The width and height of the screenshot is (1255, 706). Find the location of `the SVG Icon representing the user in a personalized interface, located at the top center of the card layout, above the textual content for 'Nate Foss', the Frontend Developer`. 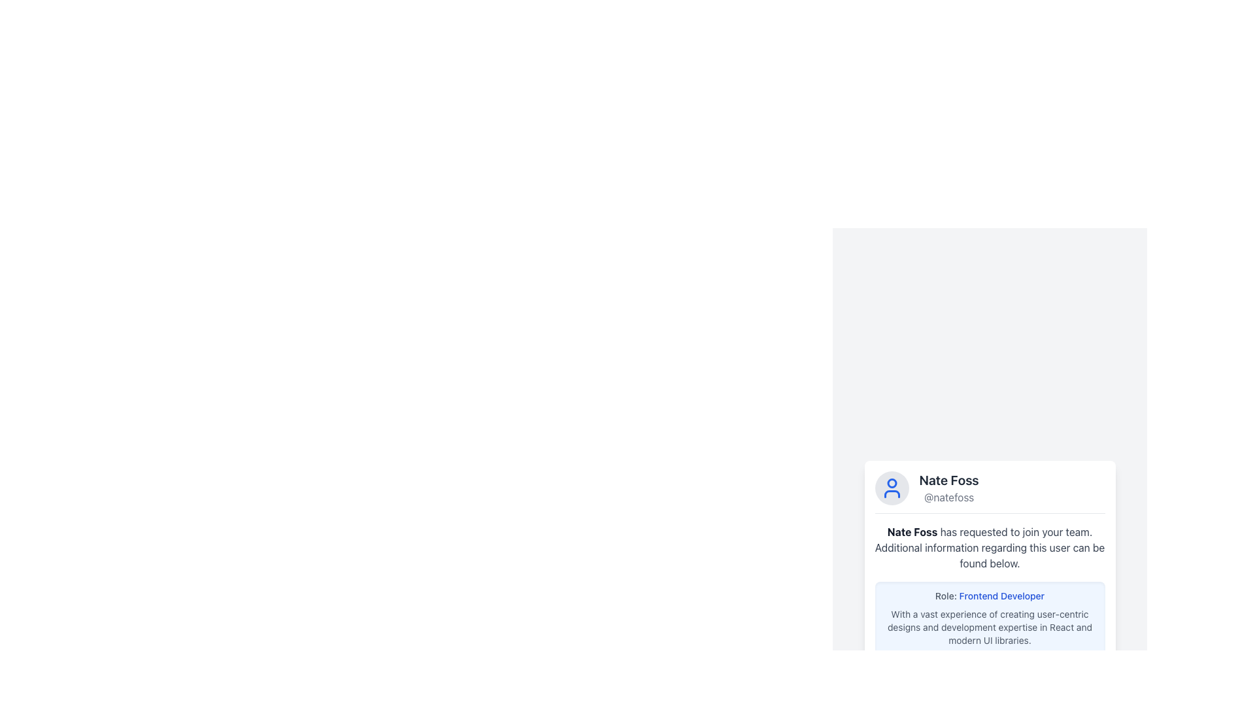

the SVG Icon representing the user in a personalized interface, located at the top center of the card layout, above the textual content for 'Nate Foss', the Frontend Developer is located at coordinates (891, 488).